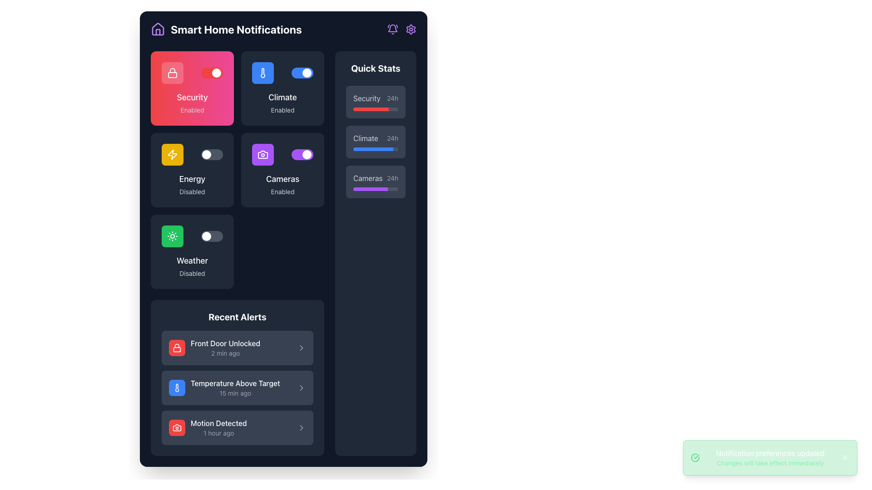 This screenshot has width=872, height=490. I want to click on the cogwheel icon, which is purple and located in the top-right corner of the interface, so click(411, 29).